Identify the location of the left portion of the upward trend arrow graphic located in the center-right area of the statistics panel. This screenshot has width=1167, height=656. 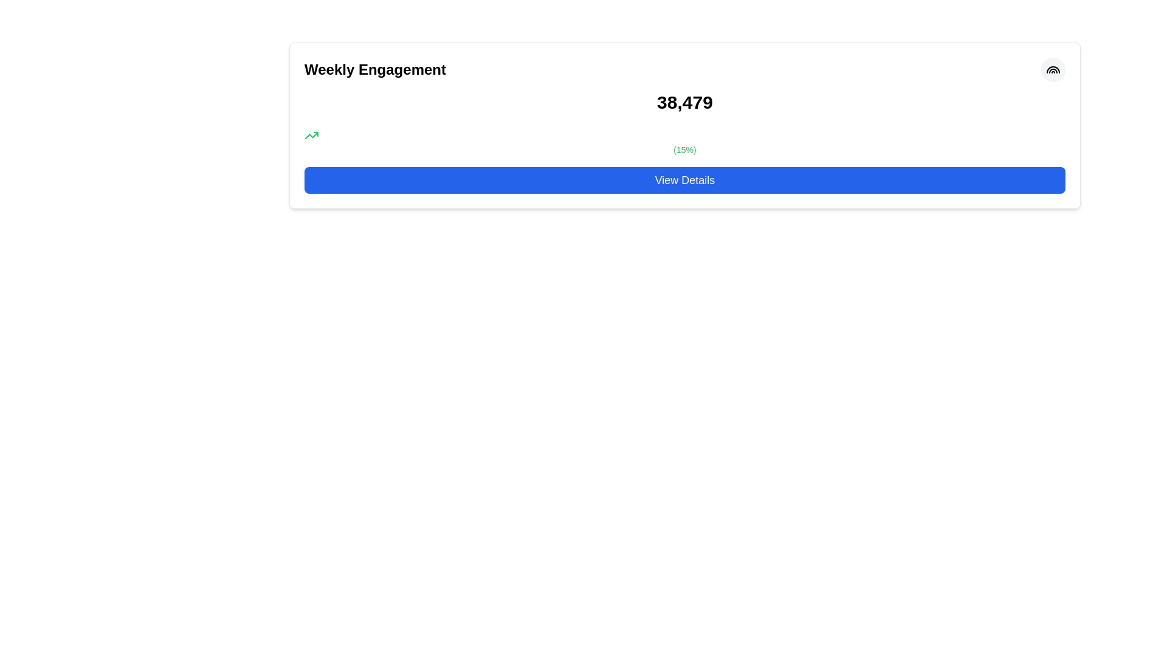
(312, 135).